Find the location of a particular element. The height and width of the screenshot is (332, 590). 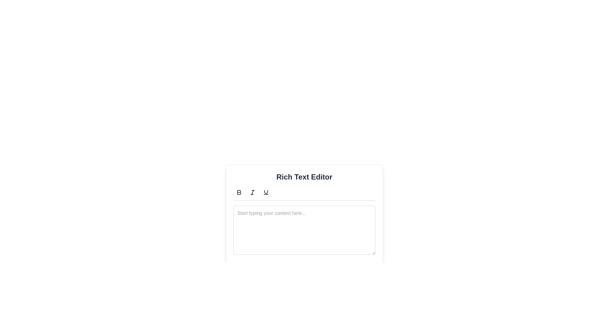

the underlining button located in the toolbar of the rich text editor, positioned to the right of the bold and italic buttons, to apply underlining to the selected text is located at coordinates (266, 192).